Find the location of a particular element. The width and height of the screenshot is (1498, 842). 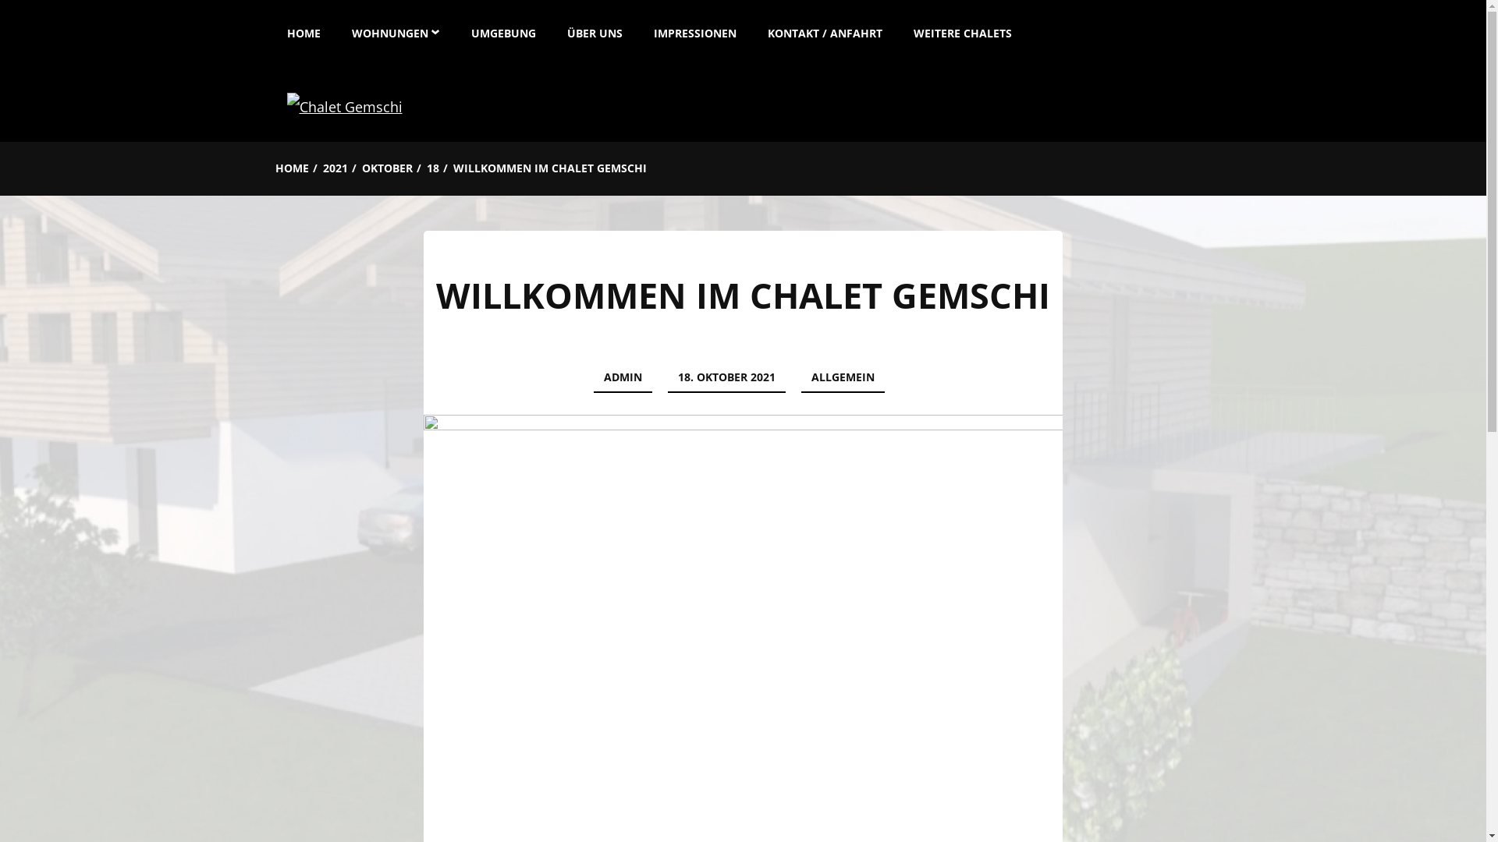

'HOME' is located at coordinates (274, 168).